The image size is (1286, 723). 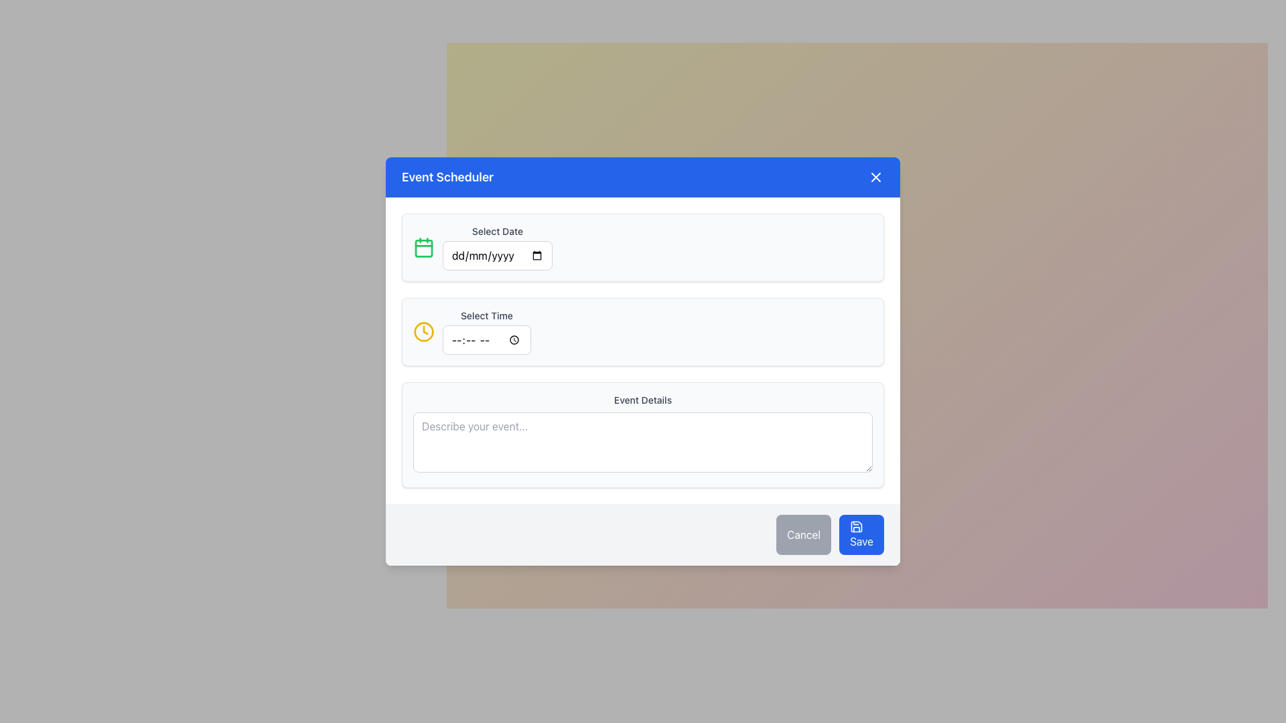 What do you see at coordinates (423, 248) in the screenshot?
I see `the date selection icon located at the top left of the 'Select Date' field group, which is positioned to the left of the 'dd/mm/yyyy' text input box` at bounding box center [423, 248].